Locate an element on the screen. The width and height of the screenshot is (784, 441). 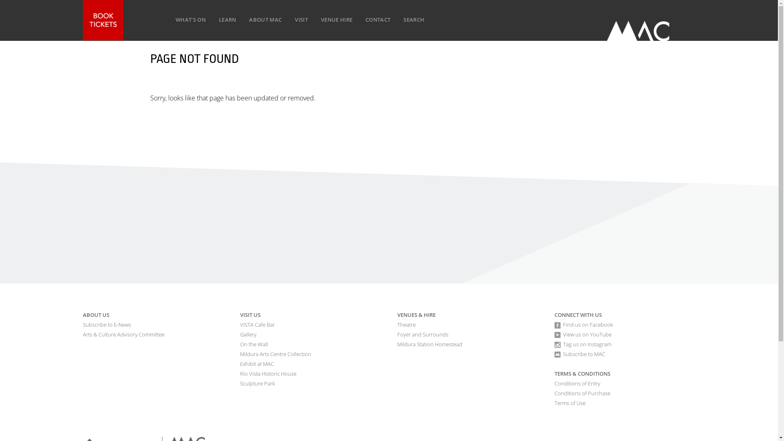
'Subscribe to MAC' is located at coordinates (583, 354).